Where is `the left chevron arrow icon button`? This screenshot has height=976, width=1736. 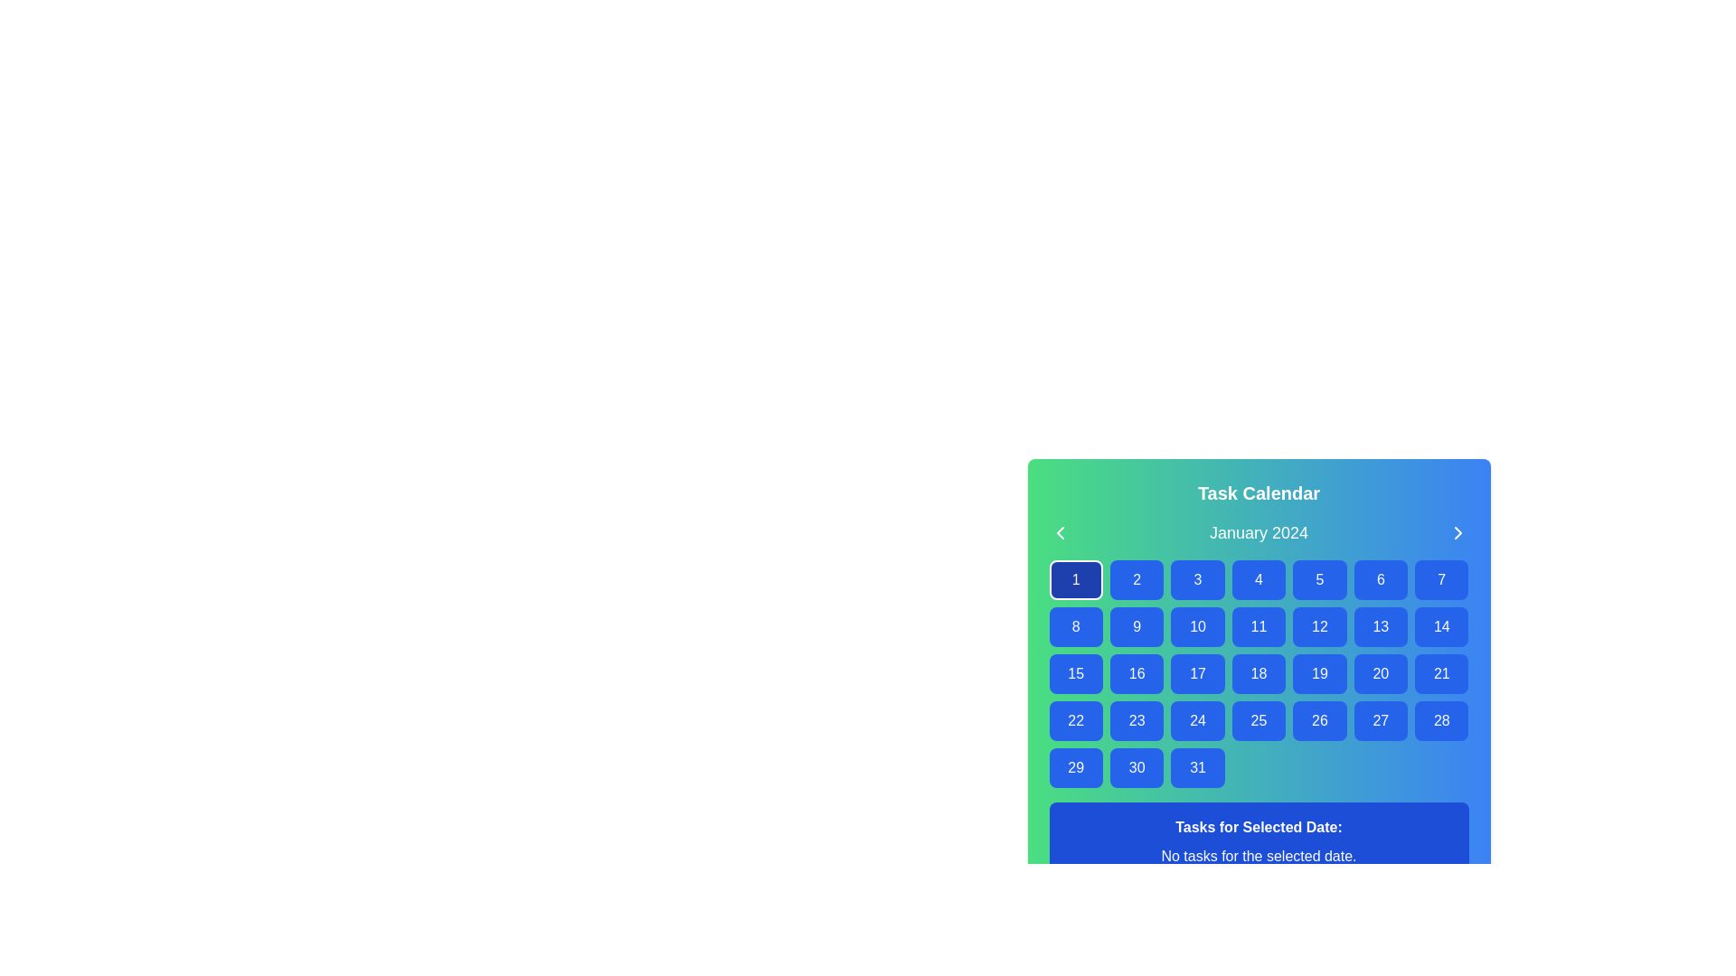 the left chevron arrow icon button is located at coordinates (1060, 532).